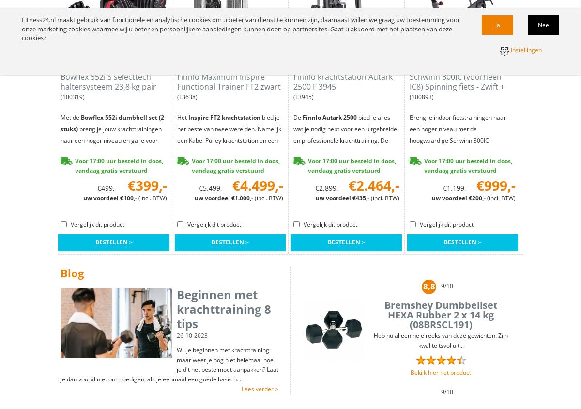 The height and width of the screenshot is (409, 581). Describe the element at coordinates (111, 123) in the screenshot. I see `'Bowflex 552i dumbbell set (2 stuks)'` at that location.